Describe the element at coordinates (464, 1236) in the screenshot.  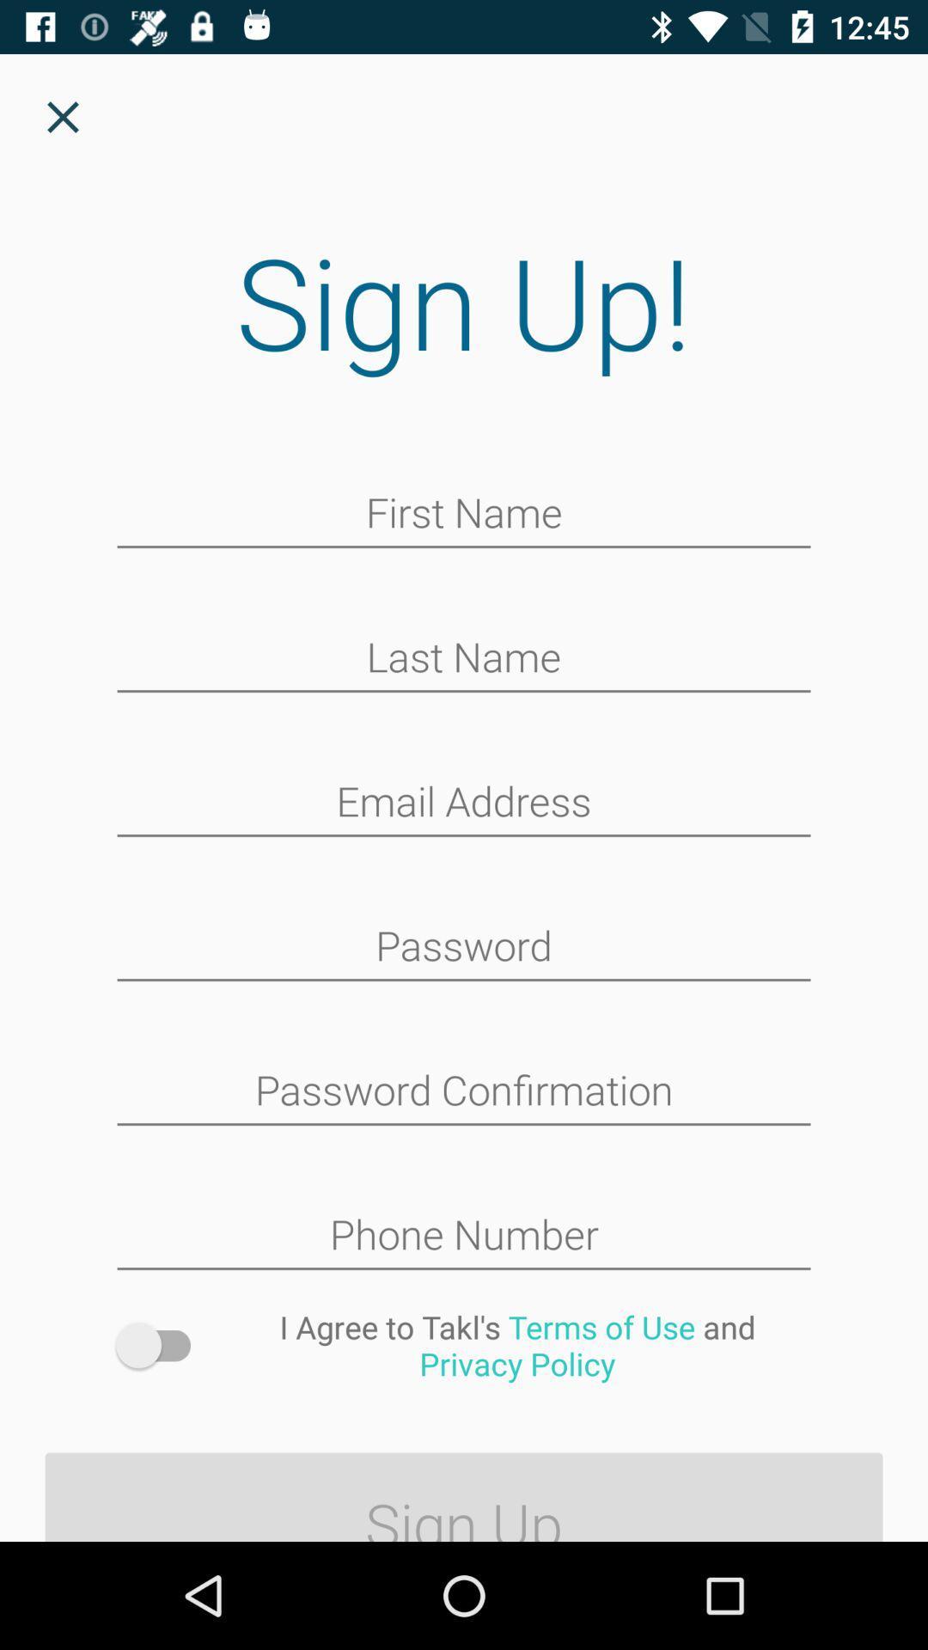
I see `phone number` at that location.